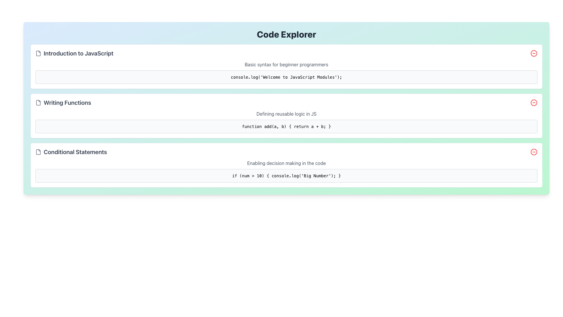 The image size is (563, 317). I want to click on the red circular minus icon located at the far right of the 'Writing Functions' row, so click(534, 102).